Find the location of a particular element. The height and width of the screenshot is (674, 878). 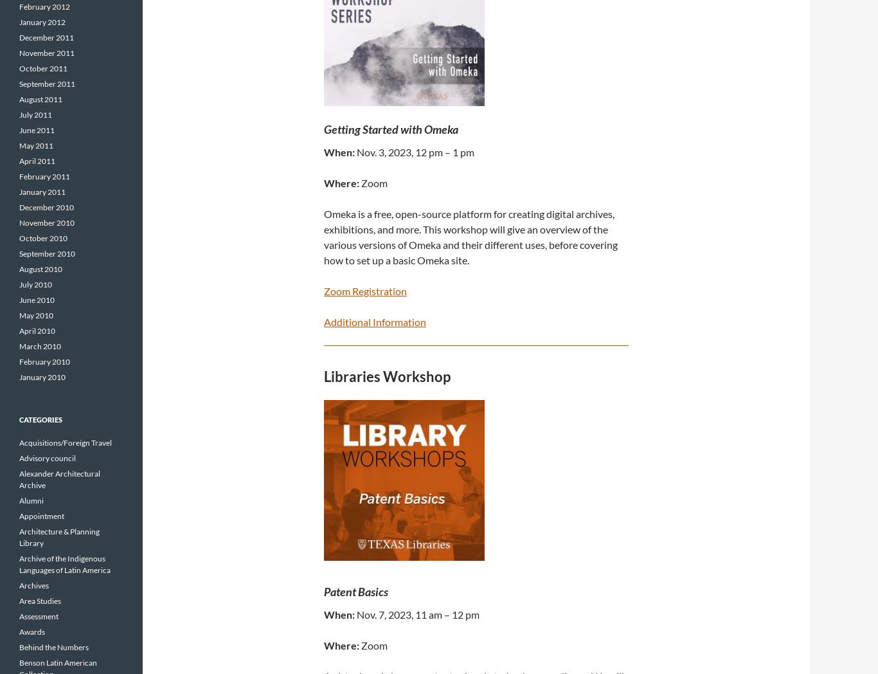

'Zoom Registration' is located at coordinates (365, 289).